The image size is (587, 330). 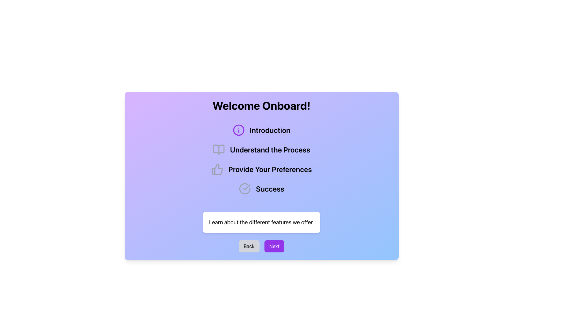 I want to click on the associated content for the 'Success' step, which is the fourth item in a vertical list of instructional steps, so click(x=261, y=188).